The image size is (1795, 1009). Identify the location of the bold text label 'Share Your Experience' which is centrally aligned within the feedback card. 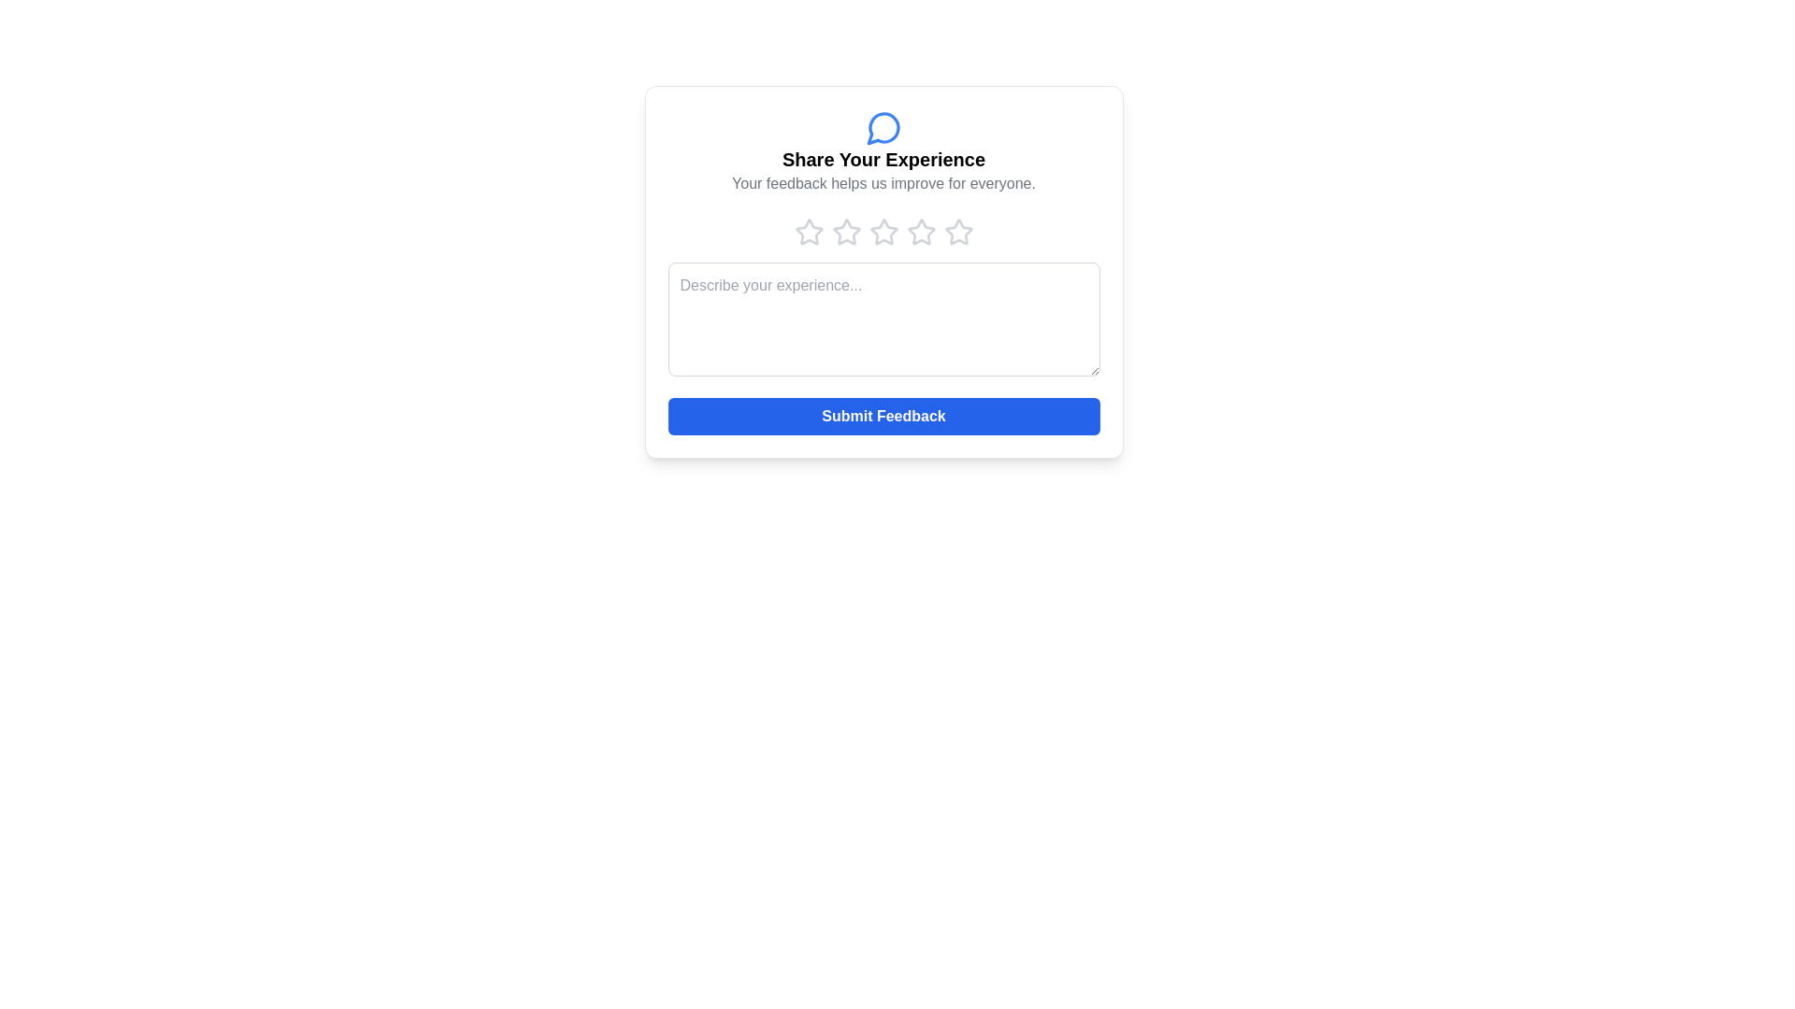
(883, 158).